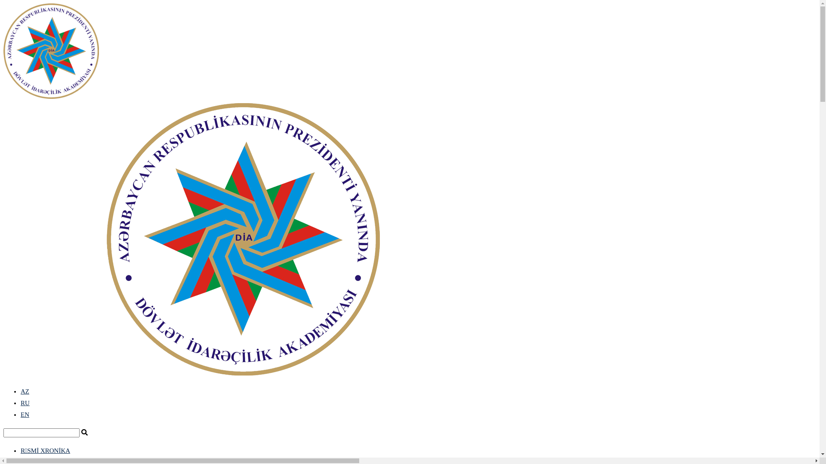 The image size is (826, 464). What do you see at coordinates (41, 433) in the screenshot?
I see `'Search'` at bounding box center [41, 433].